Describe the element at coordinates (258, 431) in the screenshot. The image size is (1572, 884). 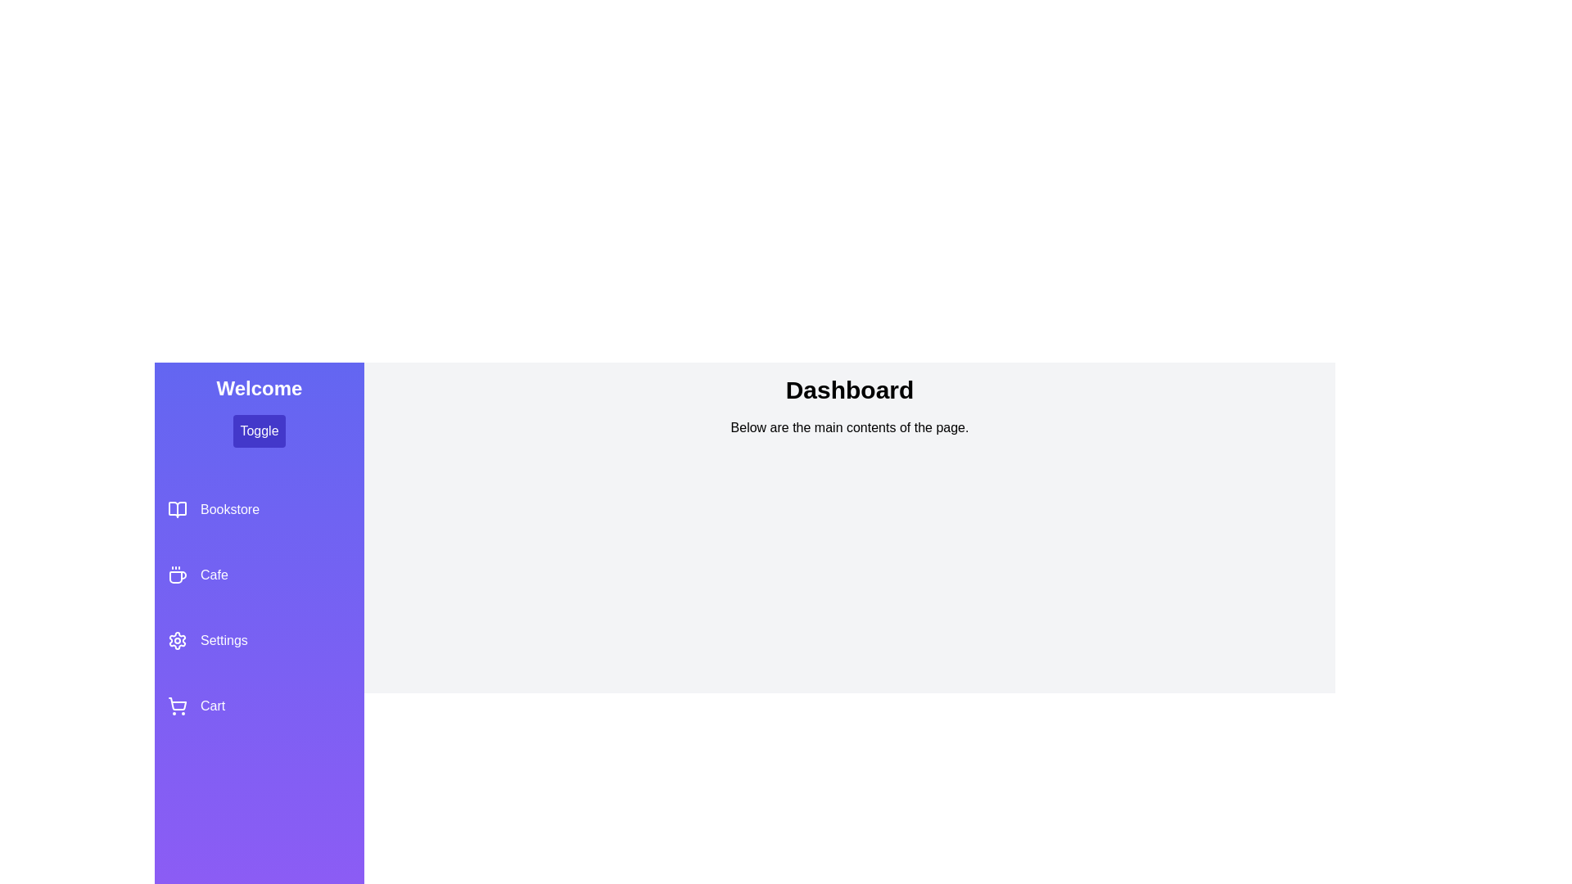
I see `the toggle button to open or close the drawer` at that location.